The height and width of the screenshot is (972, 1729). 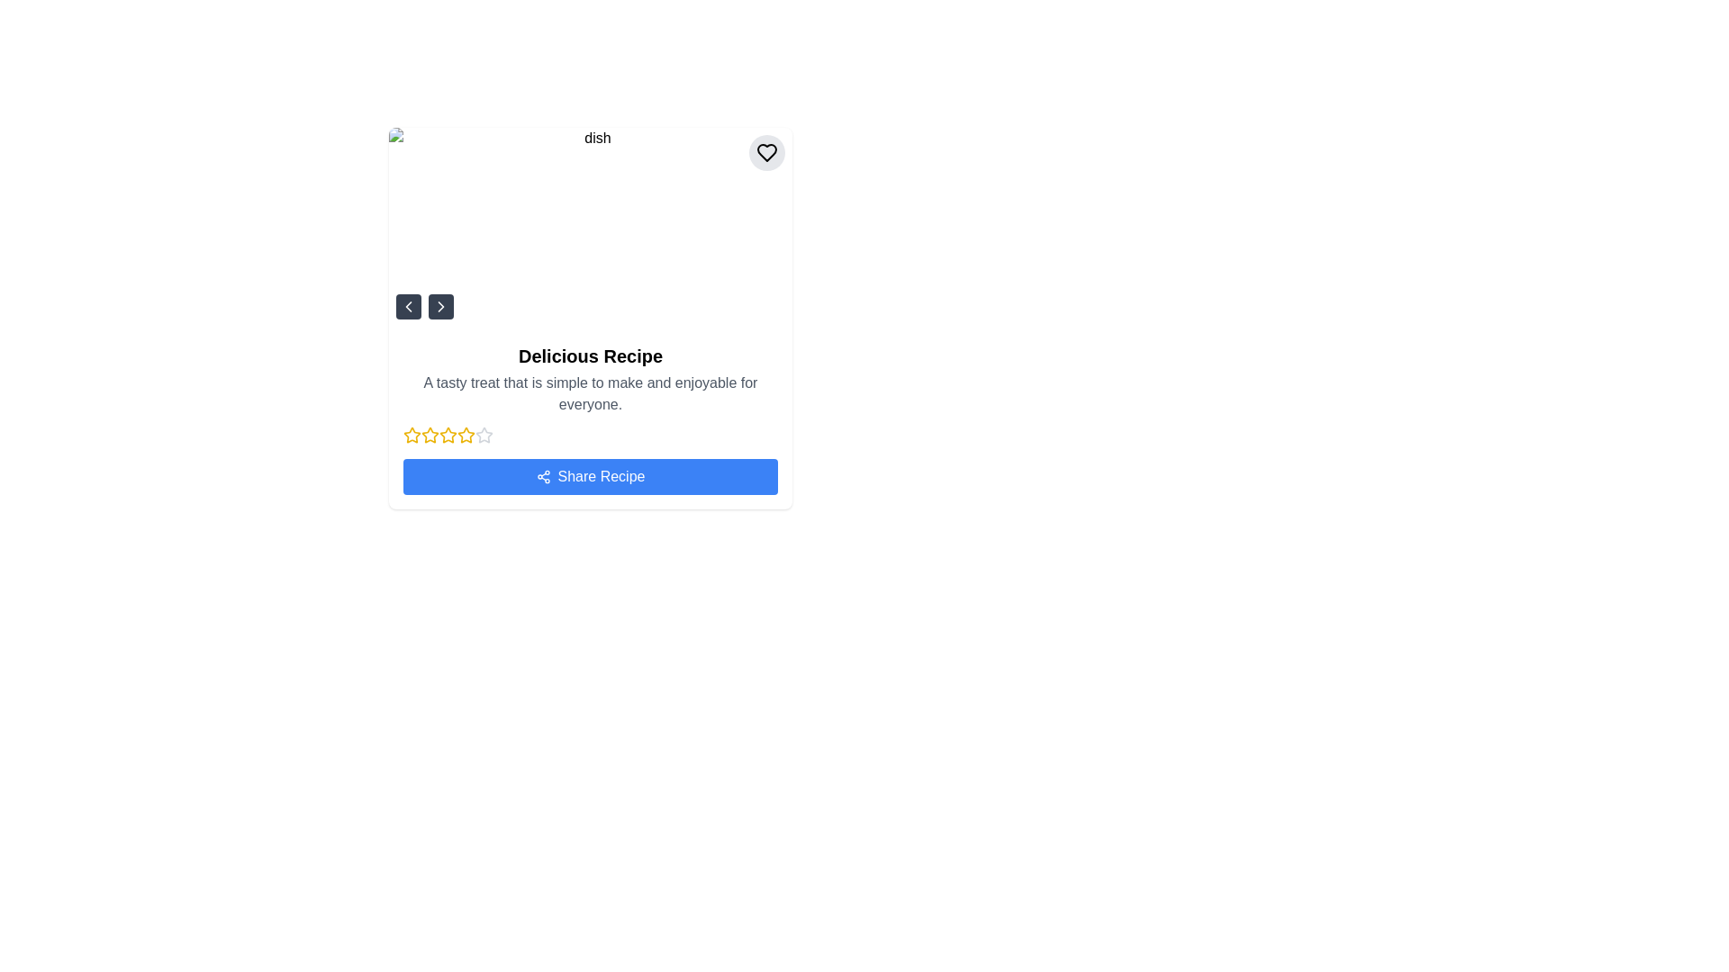 What do you see at coordinates (591, 475) in the screenshot?
I see `the share button located at the bottom of the recipe card, just below the yellow rating stars` at bounding box center [591, 475].